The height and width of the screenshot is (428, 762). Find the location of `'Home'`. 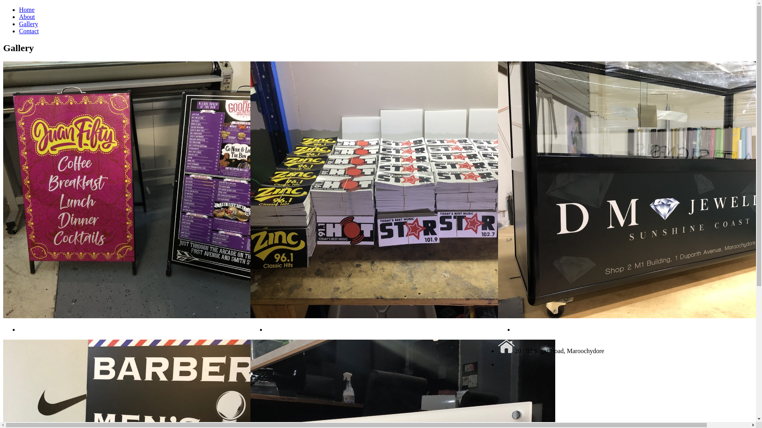

'Home' is located at coordinates (27, 10).